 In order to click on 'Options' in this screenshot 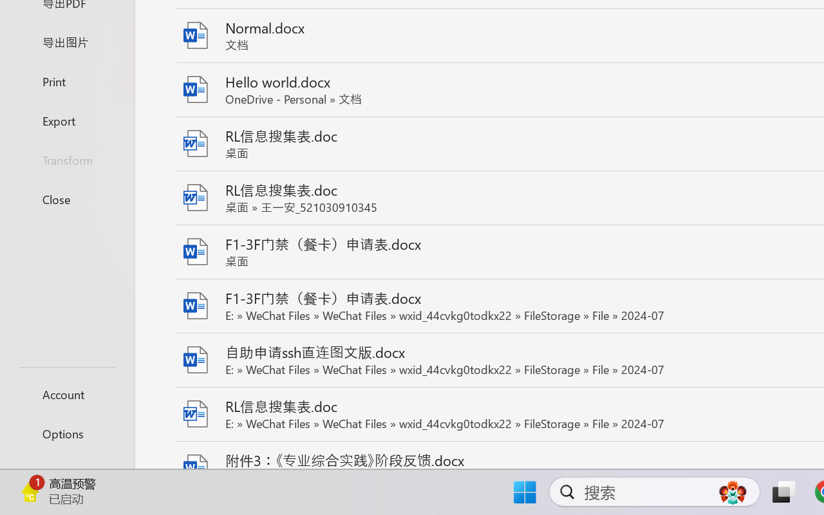, I will do `click(66, 433)`.